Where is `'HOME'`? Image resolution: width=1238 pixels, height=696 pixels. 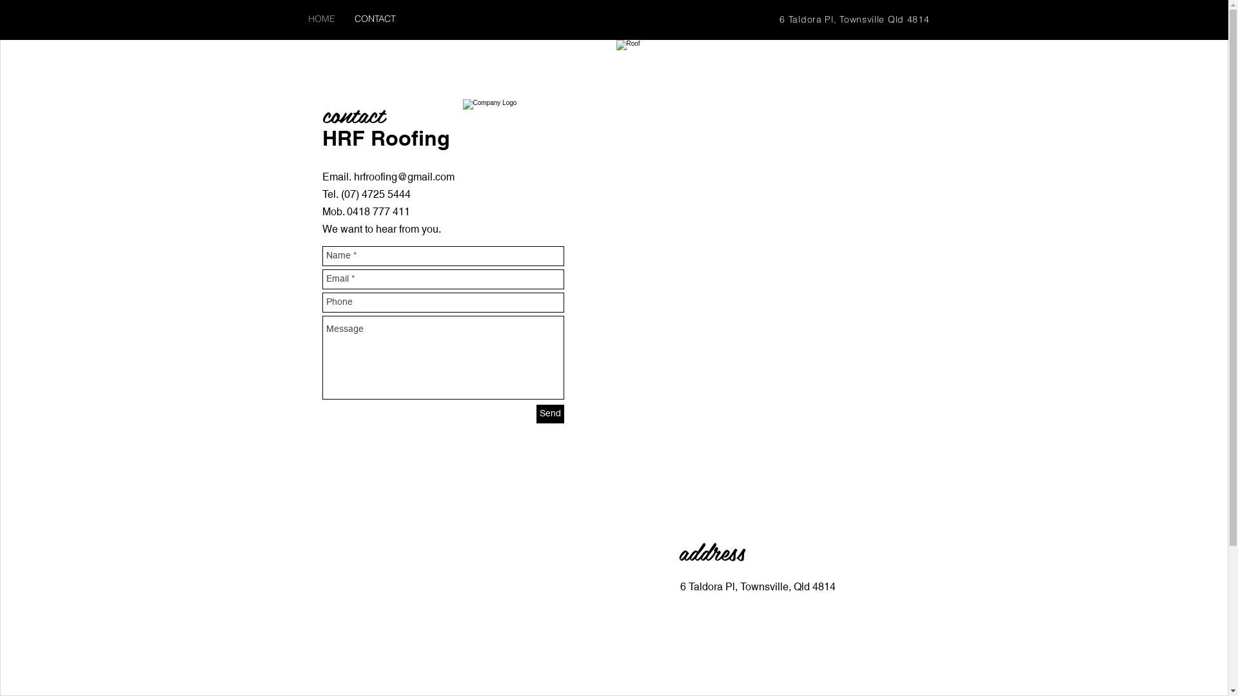 'HOME' is located at coordinates (321, 19).